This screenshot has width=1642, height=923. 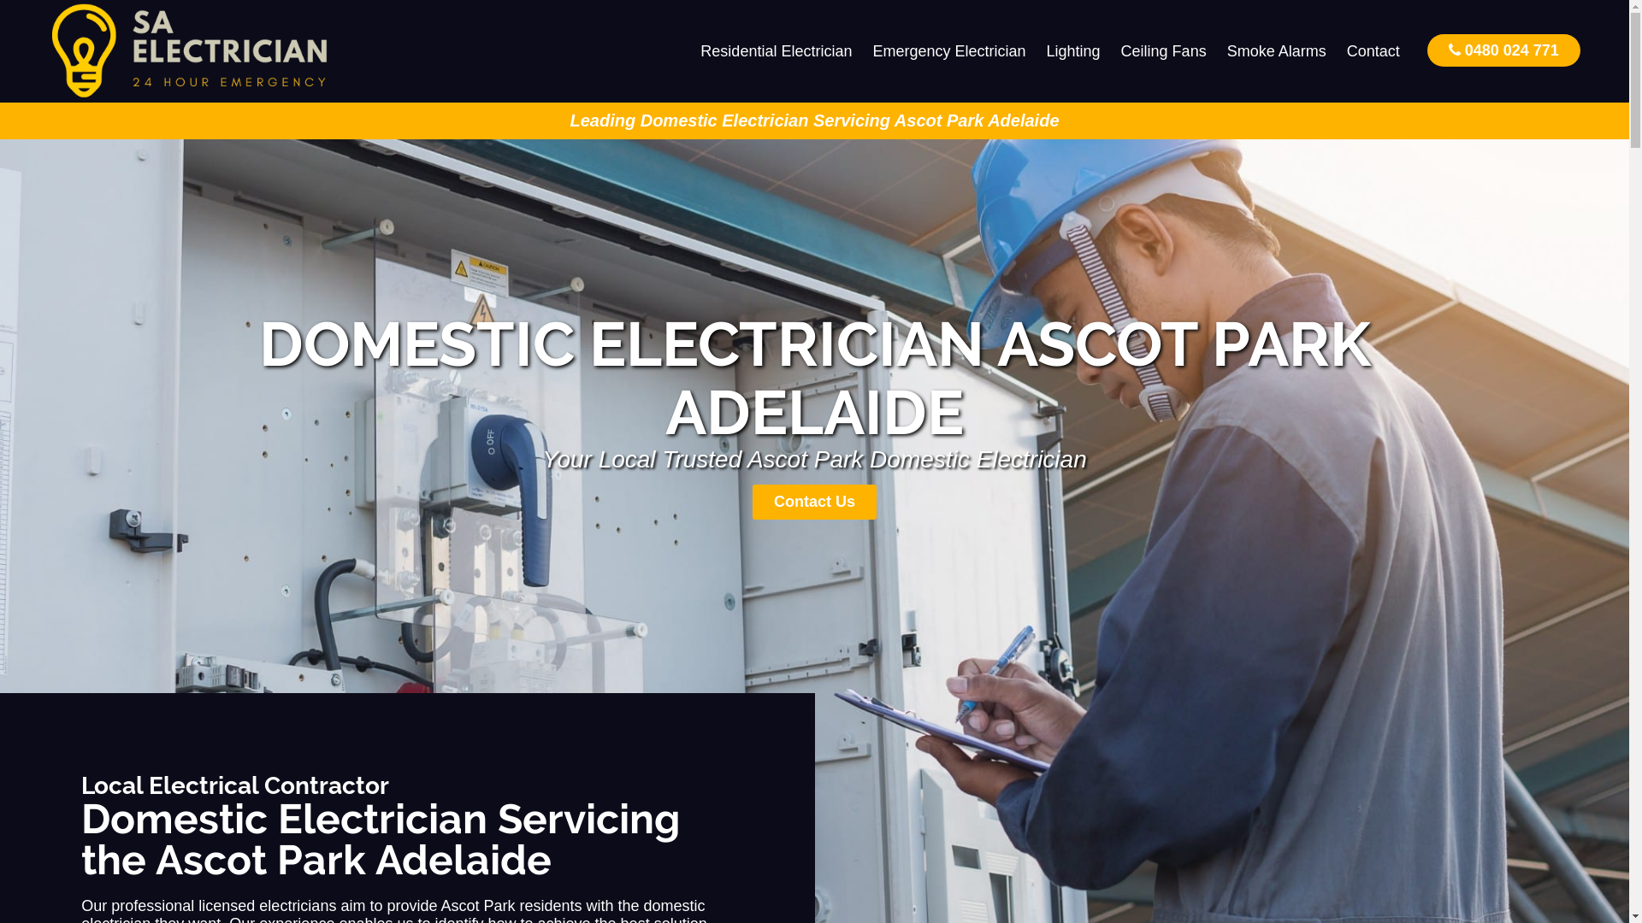 What do you see at coordinates (862, 50) in the screenshot?
I see `'Emergency Electrician'` at bounding box center [862, 50].